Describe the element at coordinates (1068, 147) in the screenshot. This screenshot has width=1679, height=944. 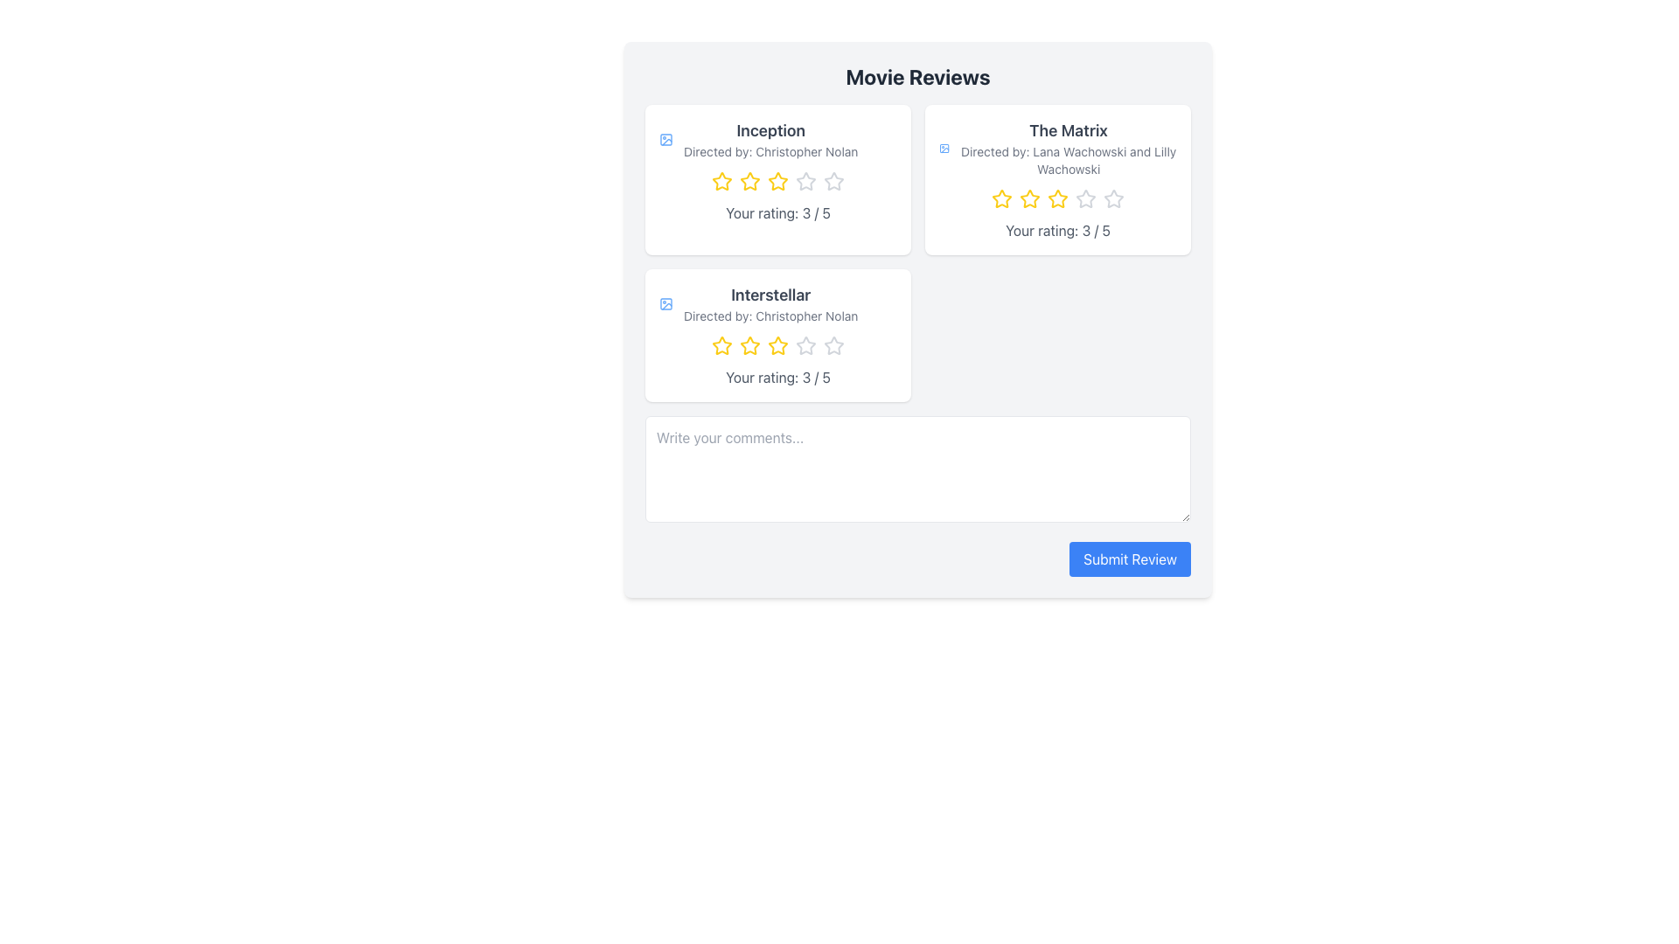
I see `the Text Block that displays the title and director information of the movie 'The Matrix', located in the top-right card of the 'Movie Reviews' section` at that location.